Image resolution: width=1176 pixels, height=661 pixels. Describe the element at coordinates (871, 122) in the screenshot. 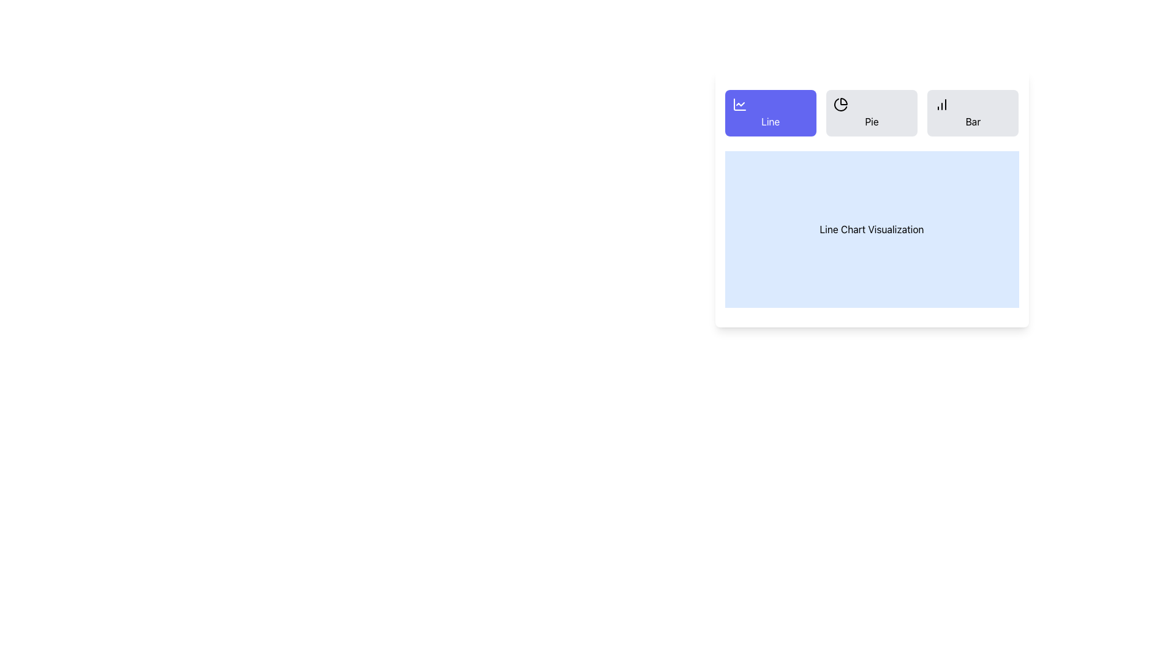

I see `the button labeled 'Pie' which is the second button in a horizontal group of three buttons, flanked by 'Line' on the left and 'Bar' on the right` at that location.